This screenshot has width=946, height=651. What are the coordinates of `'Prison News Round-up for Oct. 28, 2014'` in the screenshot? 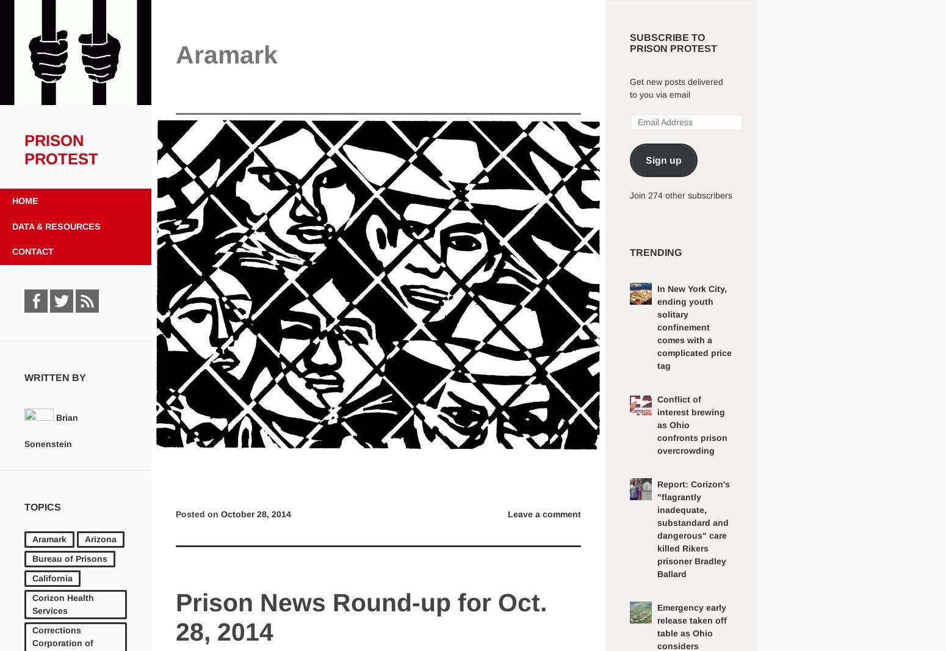 It's located at (175, 617).